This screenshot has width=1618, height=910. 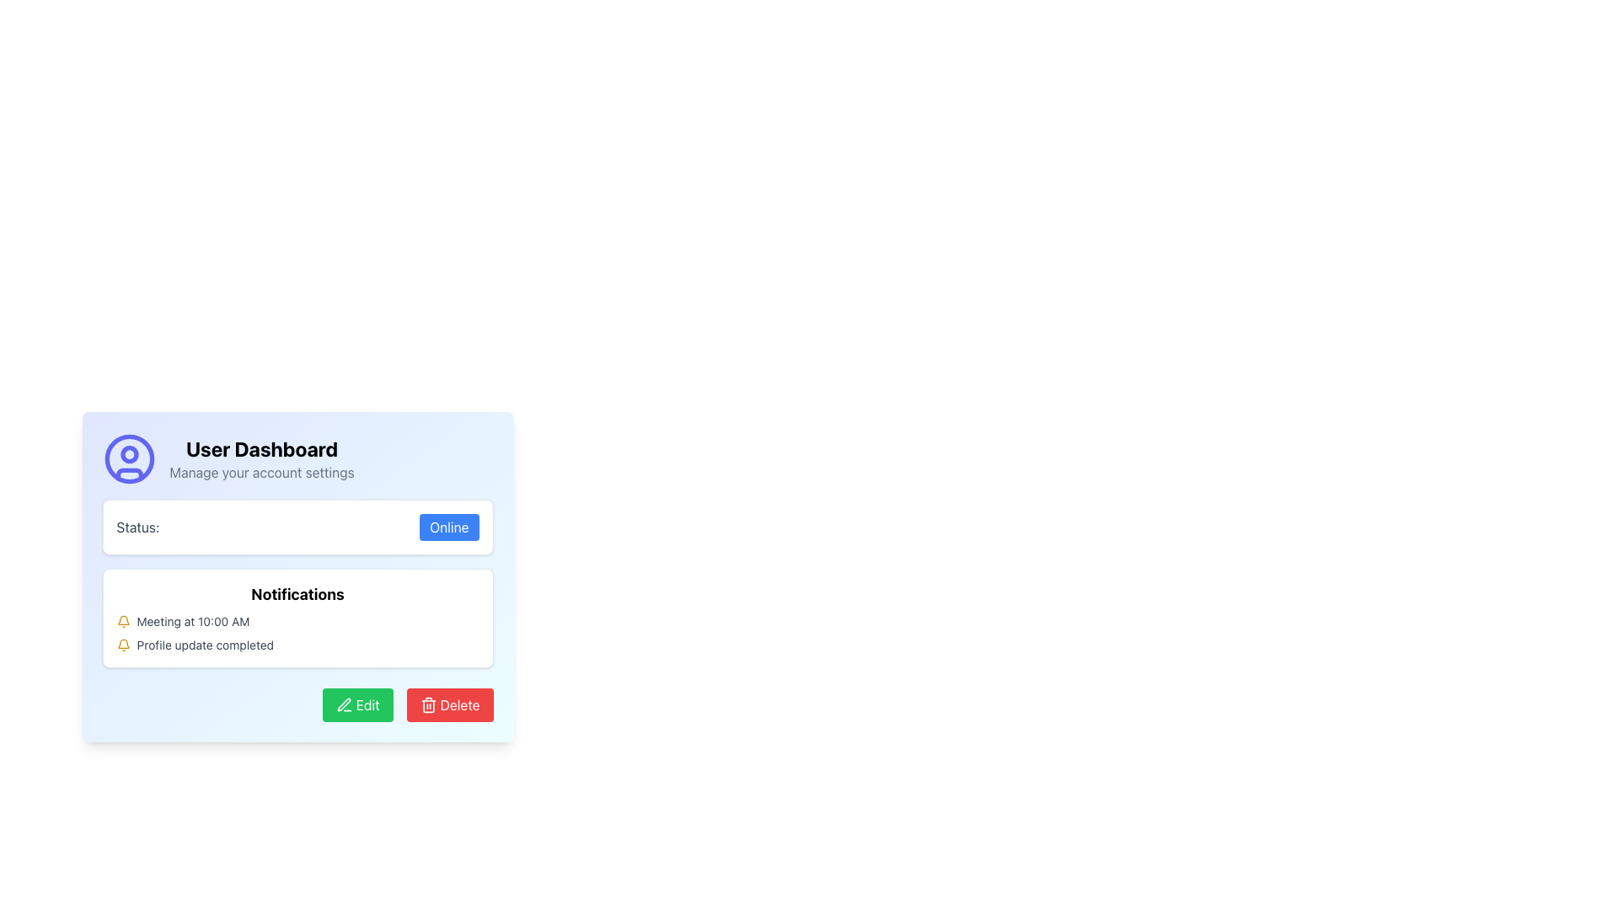 I want to click on the header text label indicating the user dashboard, located to the right of the avatar icon in the top-left section of the interface, so click(x=261, y=458).